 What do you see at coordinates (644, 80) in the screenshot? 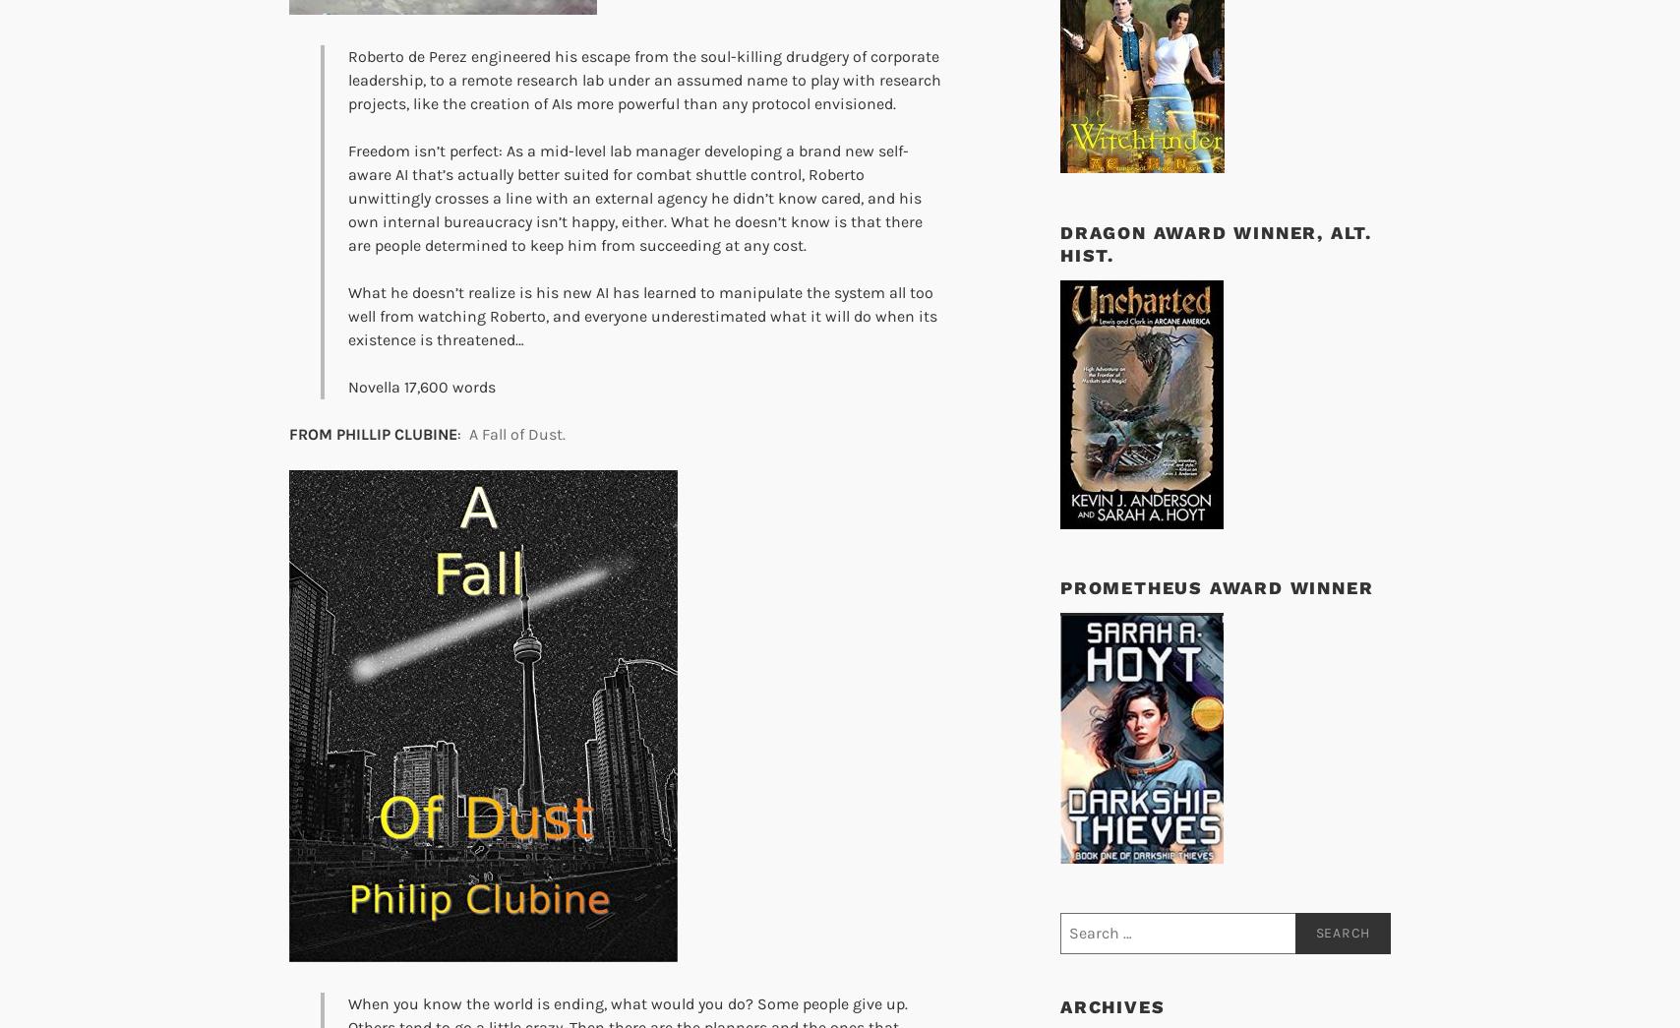
I see `'Roberto de Perez engineered his escape from the soul-killing drudgery of corporate leadership, to a remote research lab under an assumed name to play with research projects, like the creation of AIs more powerful than any protocol envisioned.'` at bounding box center [644, 80].